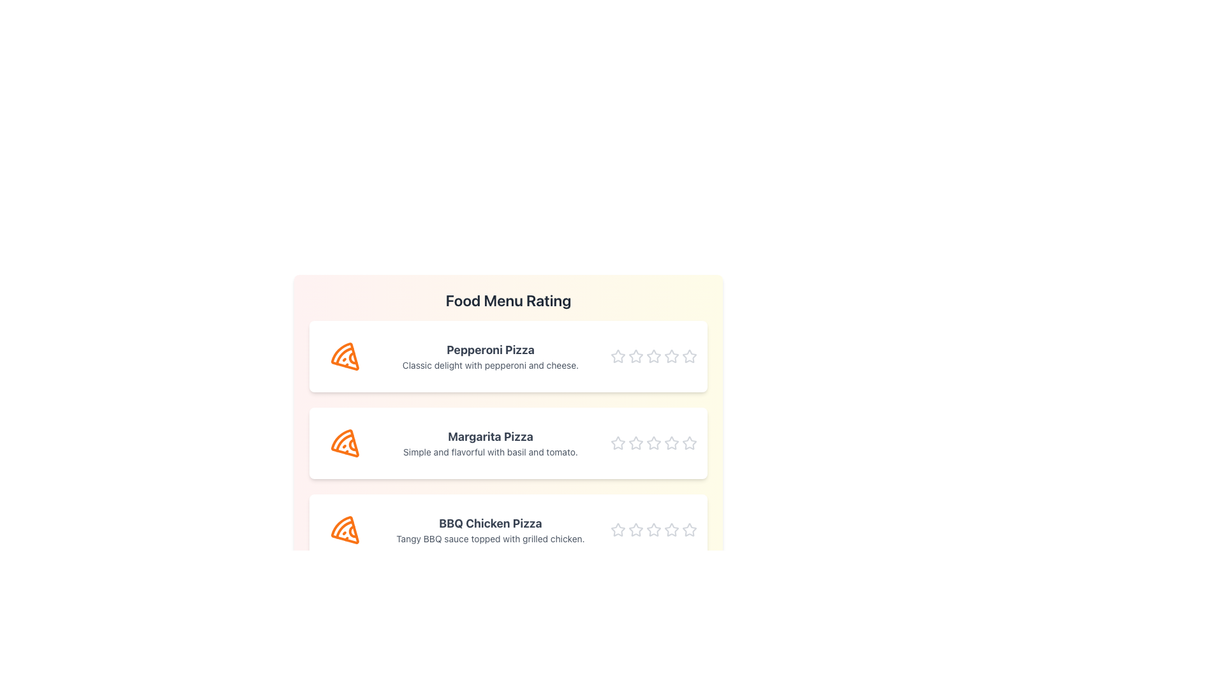  Describe the element at coordinates (489, 524) in the screenshot. I see `the text label that serves as the title of the dish in the third menu card from the top in the 'Food Menu Rating' section` at that location.